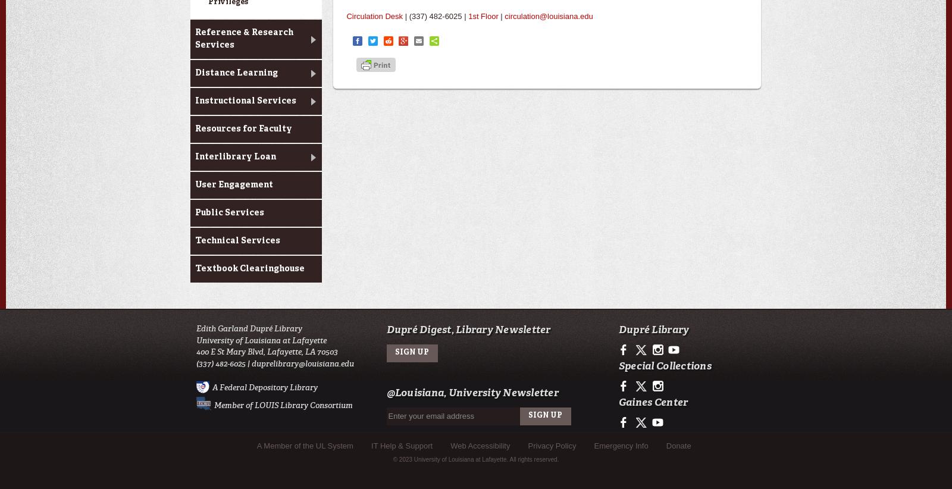 Image resolution: width=952 pixels, height=489 pixels. I want to click on 'Public Services', so click(230, 212).